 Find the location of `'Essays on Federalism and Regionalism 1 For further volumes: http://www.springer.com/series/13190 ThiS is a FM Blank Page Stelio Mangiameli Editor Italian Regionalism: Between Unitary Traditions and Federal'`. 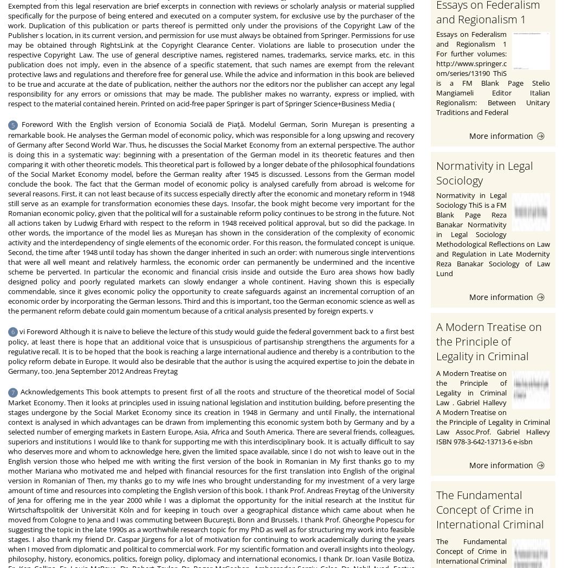

'Essays on Federalism and Regionalism 1 For further volumes: http://www.springer.com/series/13190 ThiS is a FM Blank Page Stelio Mangiameli Editor Italian Regionalism: Between Unitary Traditions and Federal' is located at coordinates (436, 72).